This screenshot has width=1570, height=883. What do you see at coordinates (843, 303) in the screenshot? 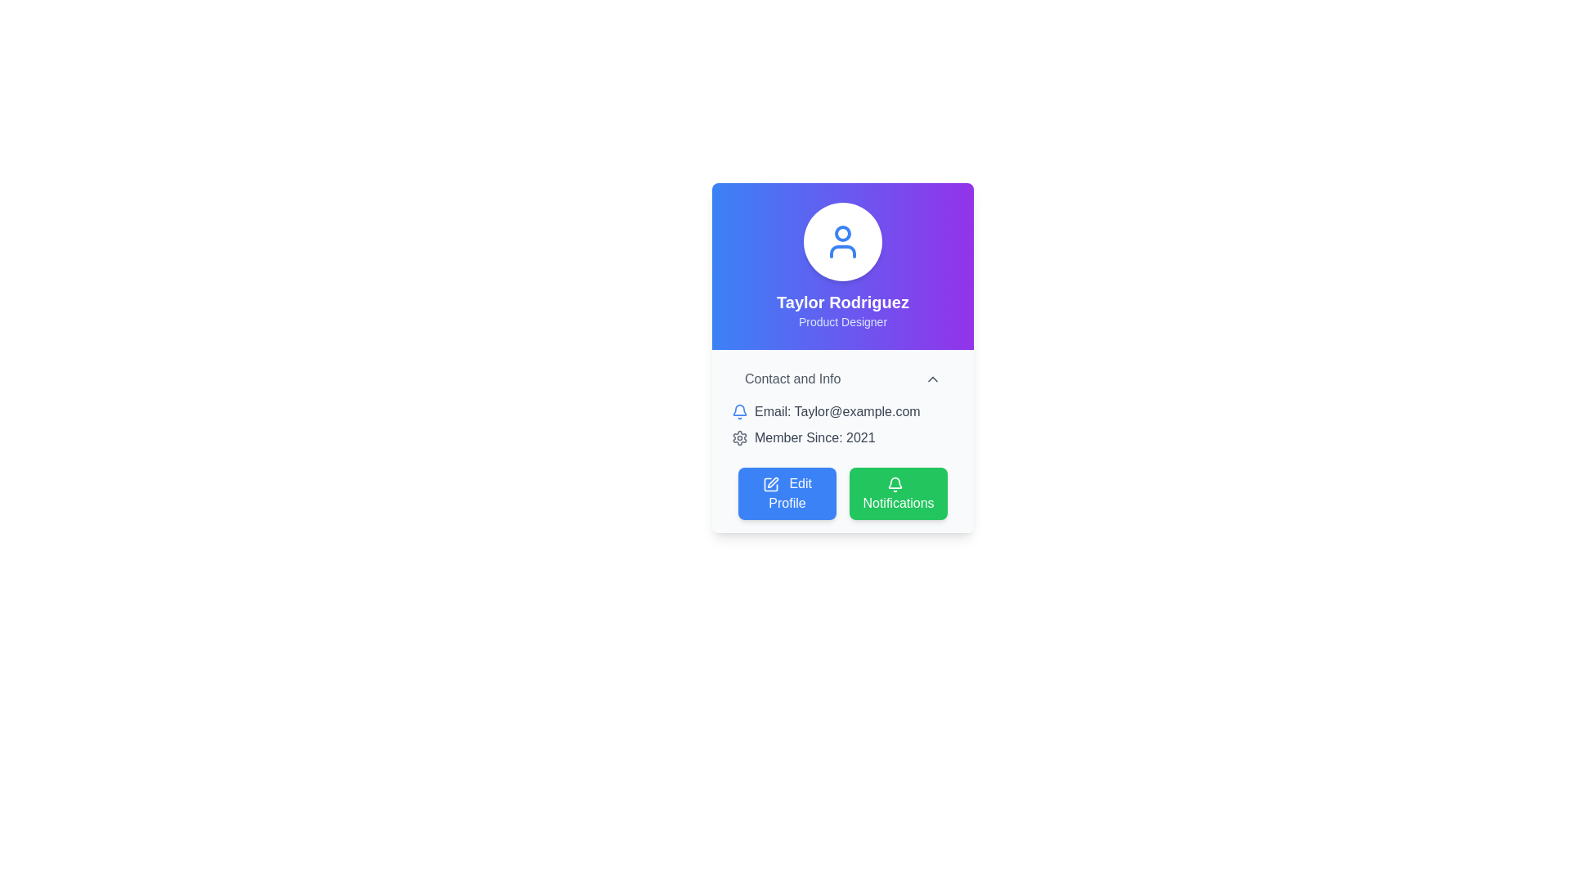
I see `the user name text element displayed prominently at the top of the profile card, which is centered above the 'Product Designer' text` at bounding box center [843, 303].